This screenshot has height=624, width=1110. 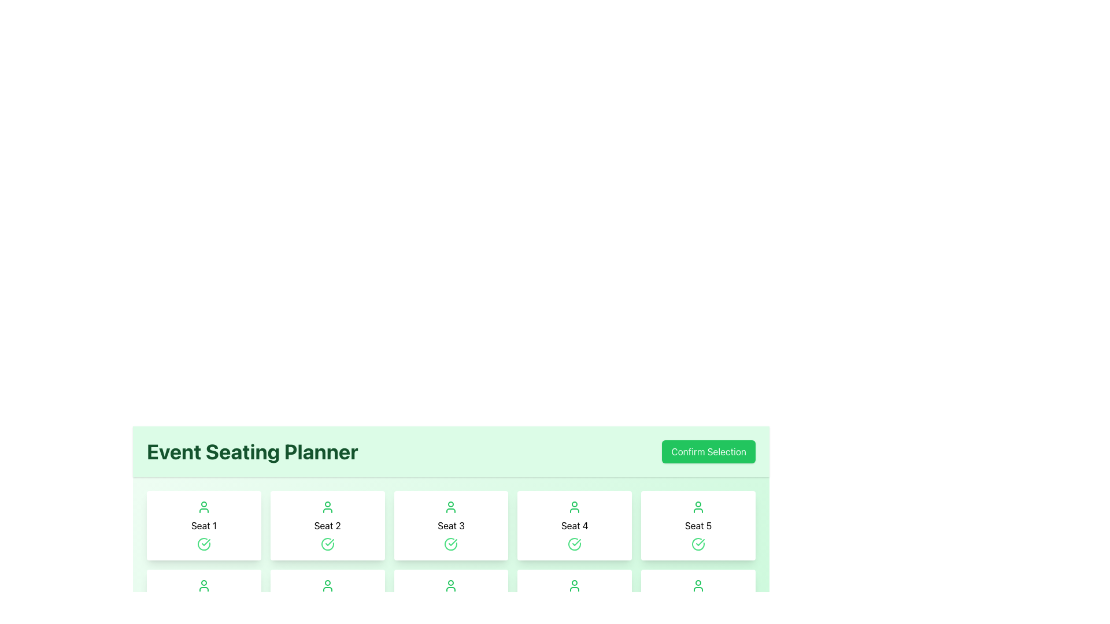 I want to click on the status icon for Seat 5, which indicates its selection, reservation, or availability in the Event Seating Planner interface, so click(x=700, y=542).